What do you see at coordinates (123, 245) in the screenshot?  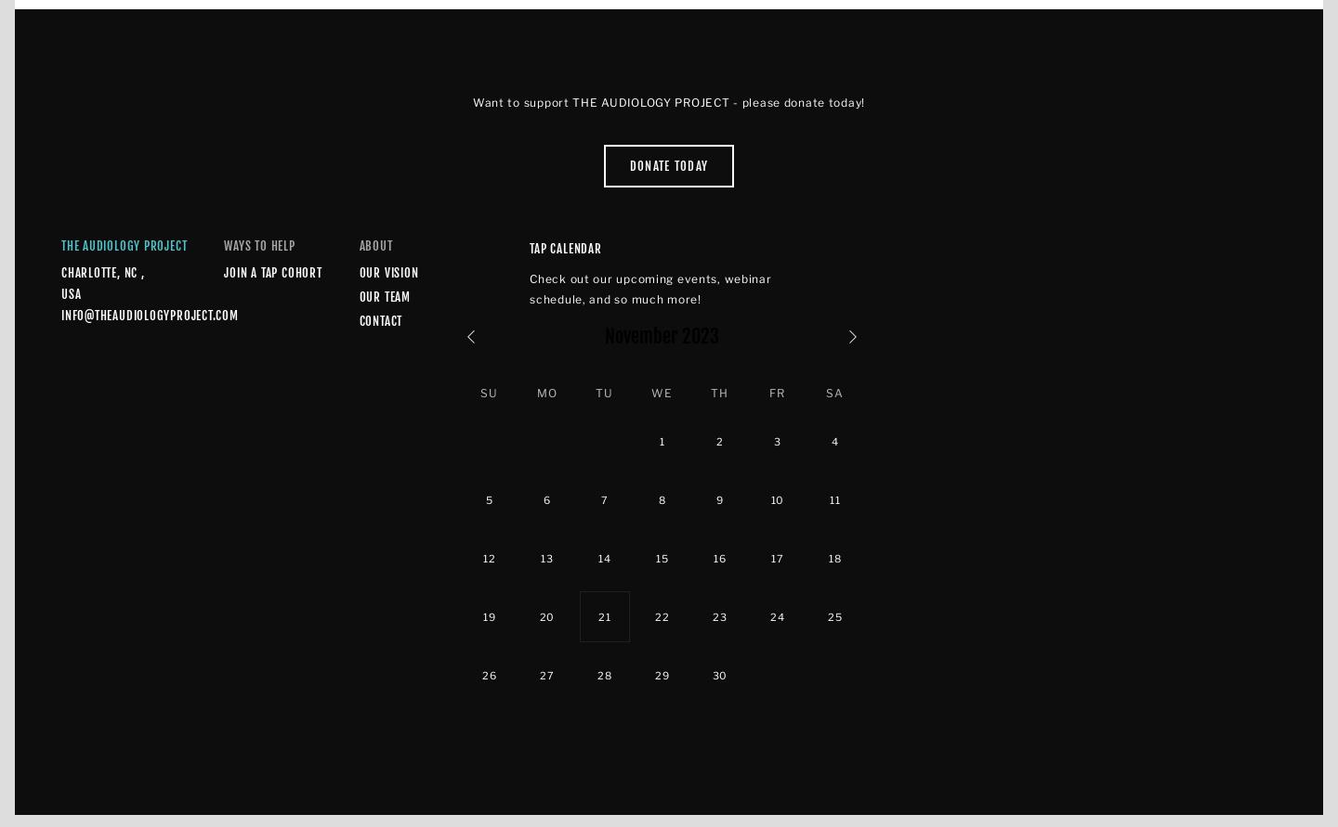 I see `'The Audiology Project'` at bounding box center [123, 245].